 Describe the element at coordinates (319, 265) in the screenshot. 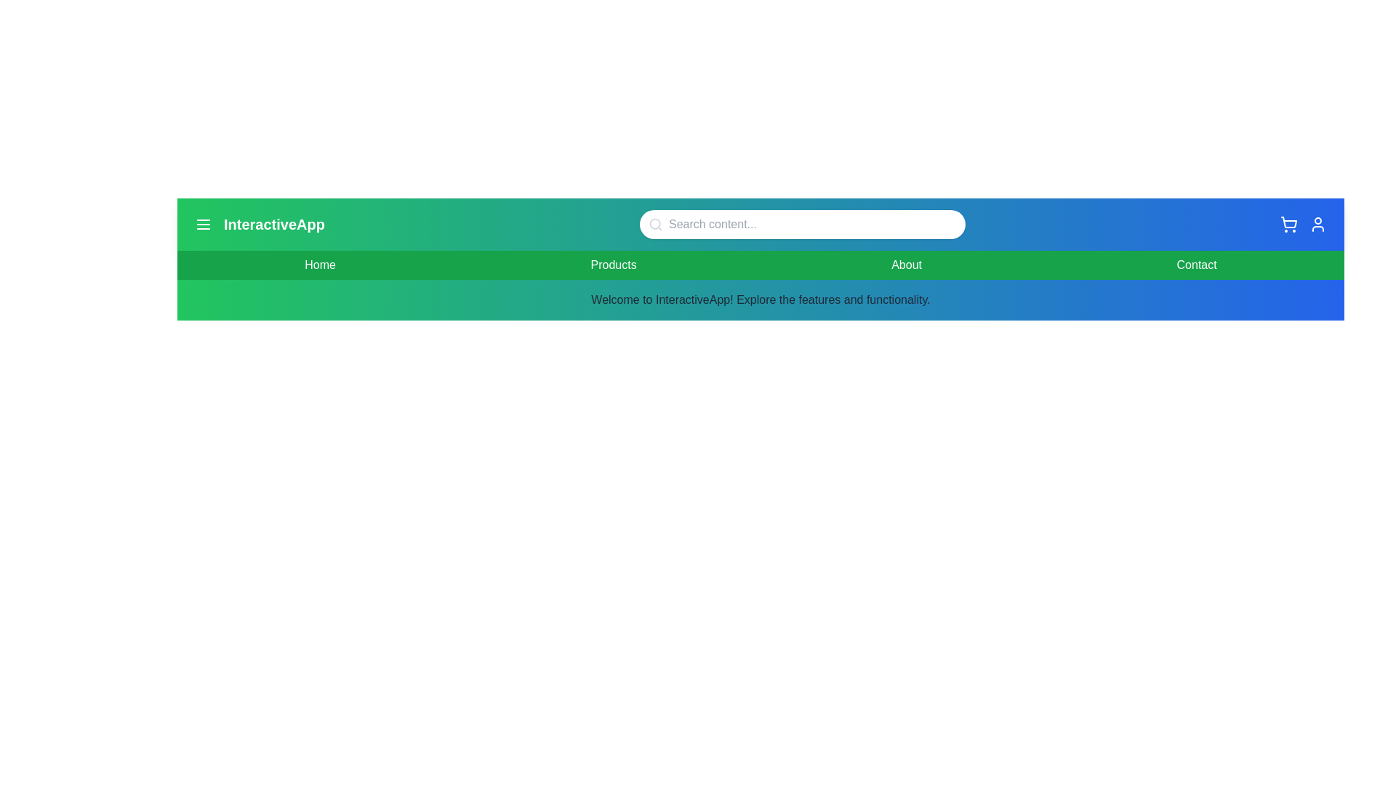

I see `the Home menu item to navigate` at that location.